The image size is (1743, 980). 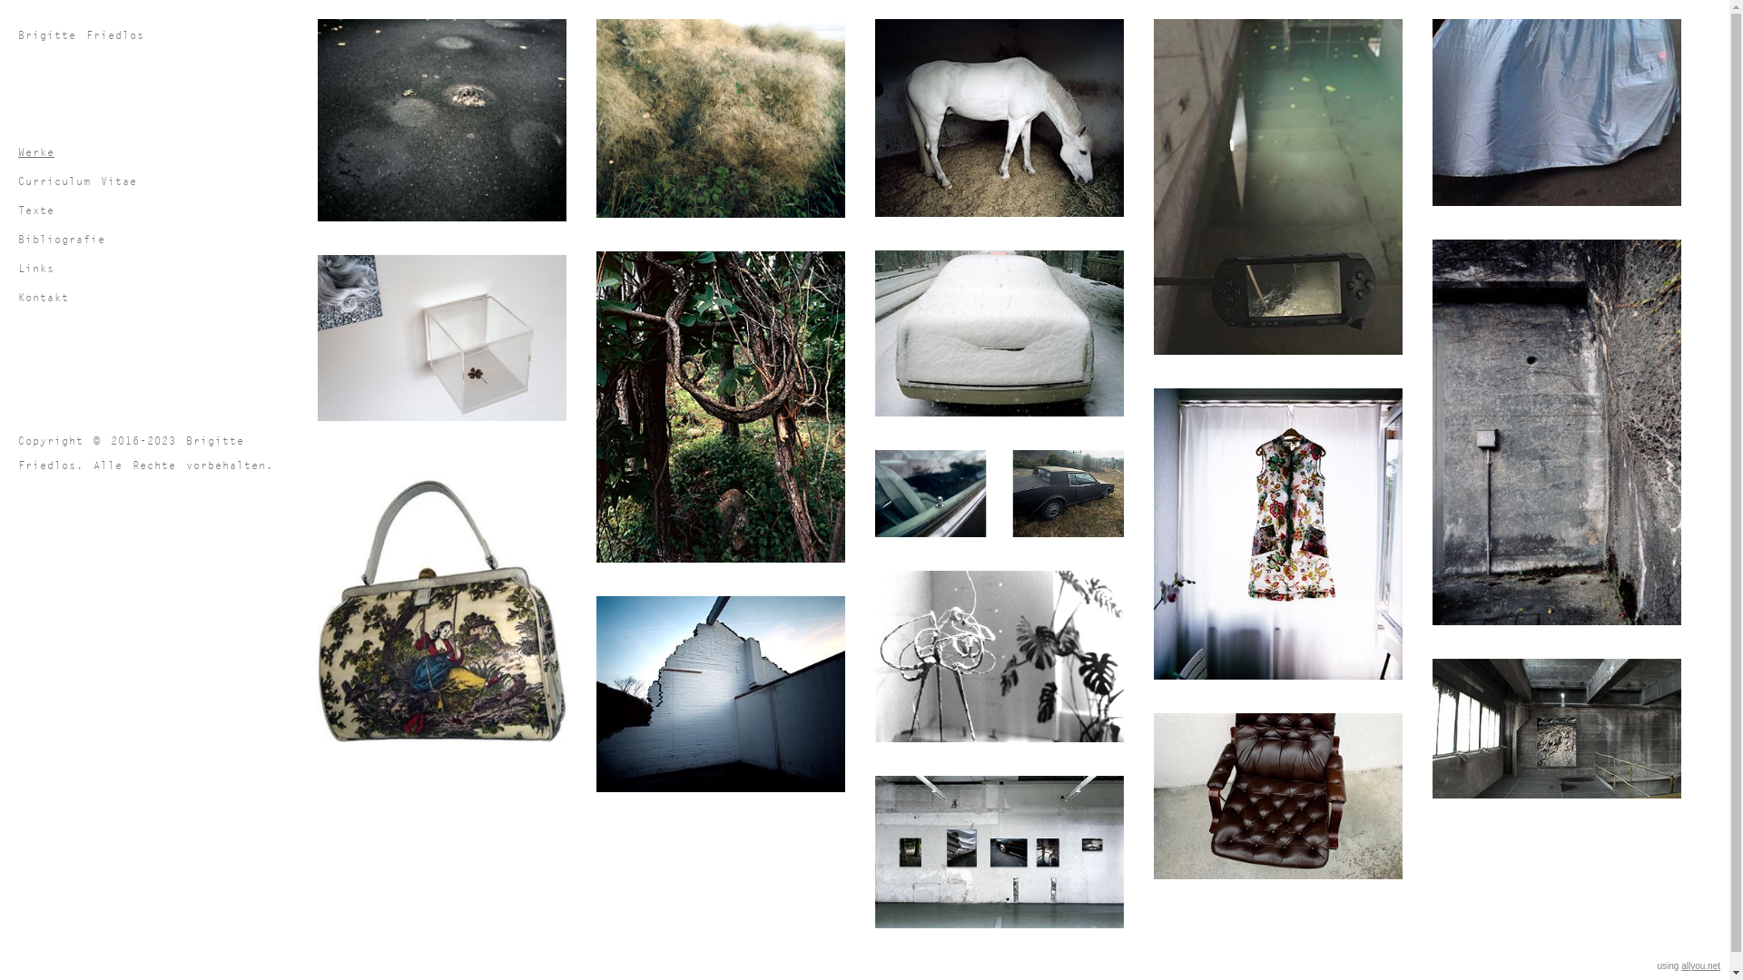 I want to click on 'Brigitte Friedlos', so click(x=163, y=34).